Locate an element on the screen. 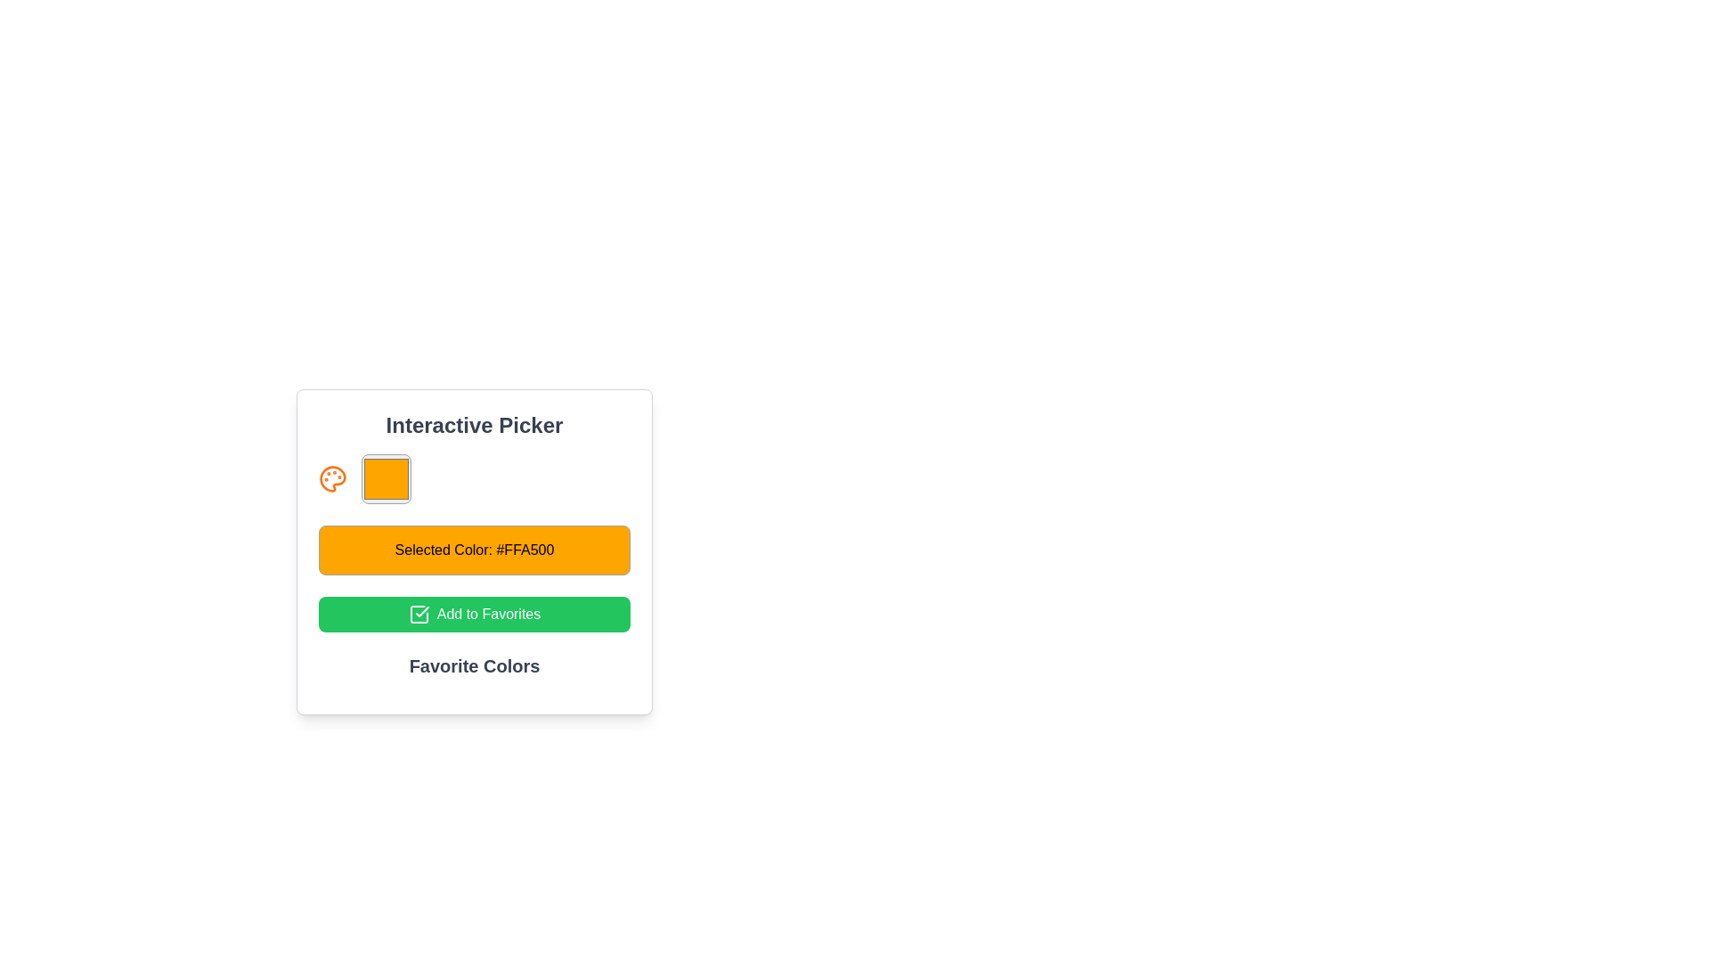  the checkmark SVG image located centrally within the 'Add to Favorites' green button, which represents a confirmation action is located at coordinates (421, 610).